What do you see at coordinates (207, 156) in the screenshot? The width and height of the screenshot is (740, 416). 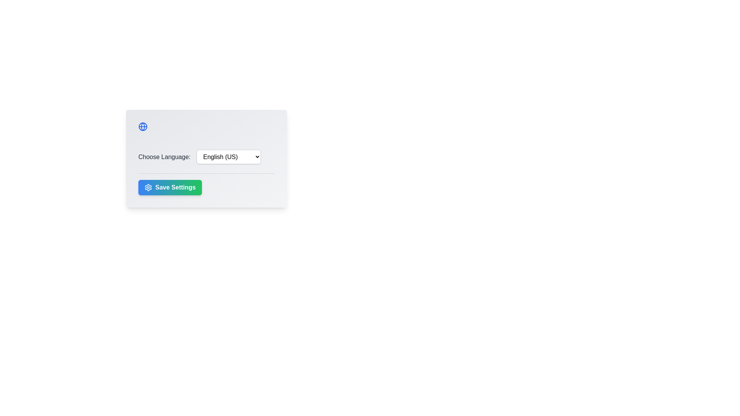 I see `the 'Choose Language:' dropdown menu to emphasize it` at bounding box center [207, 156].